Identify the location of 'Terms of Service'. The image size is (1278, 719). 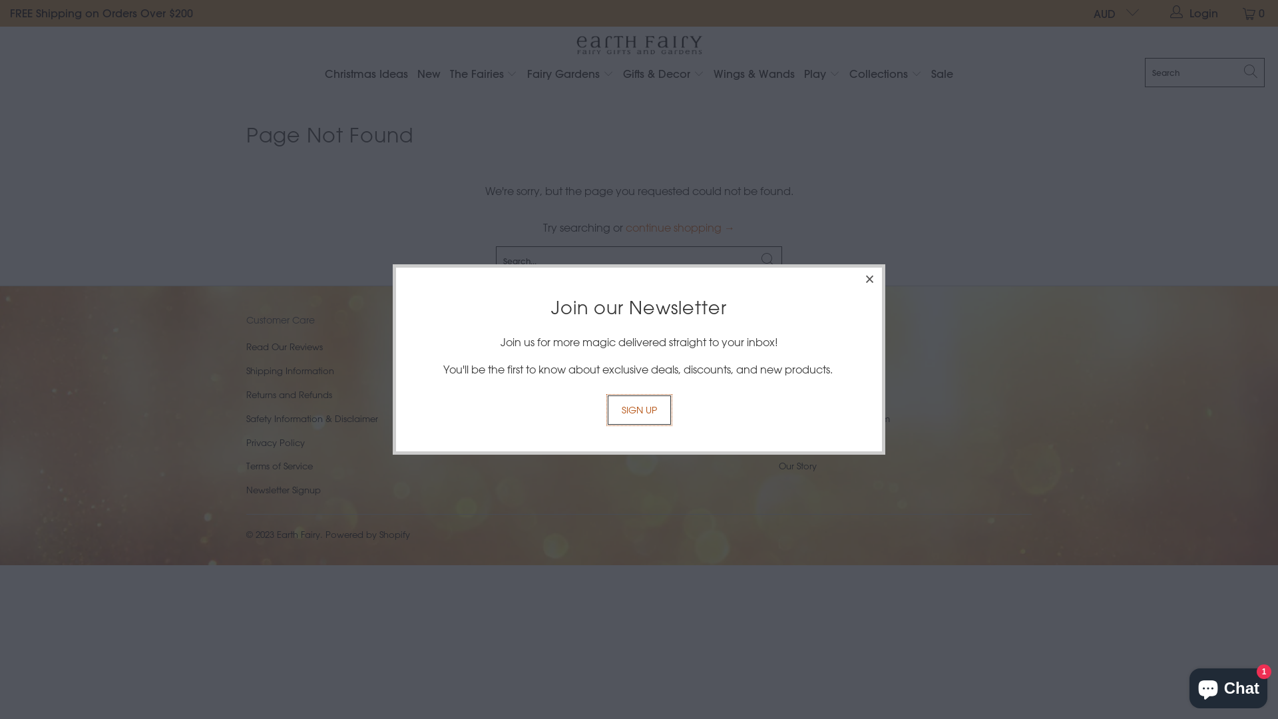
(279, 465).